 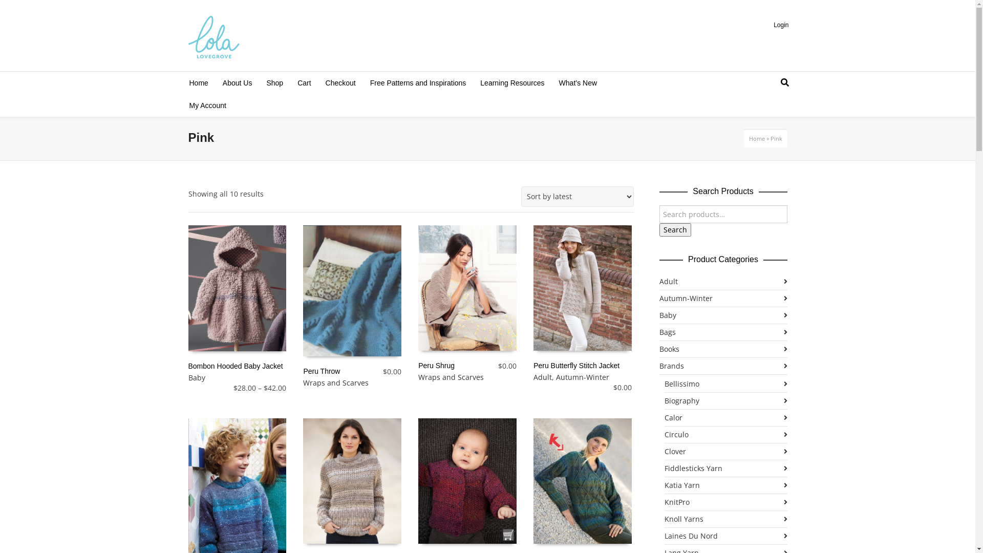 What do you see at coordinates (235, 365) in the screenshot?
I see `'Bombon Hooded Baby Jacket'` at bounding box center [235, 365].